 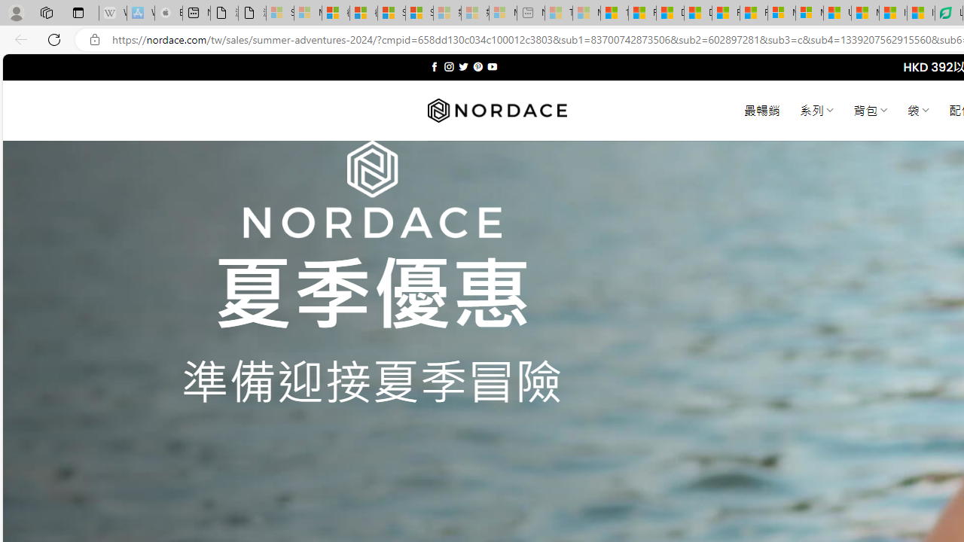 I want to click on 'Follow on Twitter', so click(x=462, y=66).